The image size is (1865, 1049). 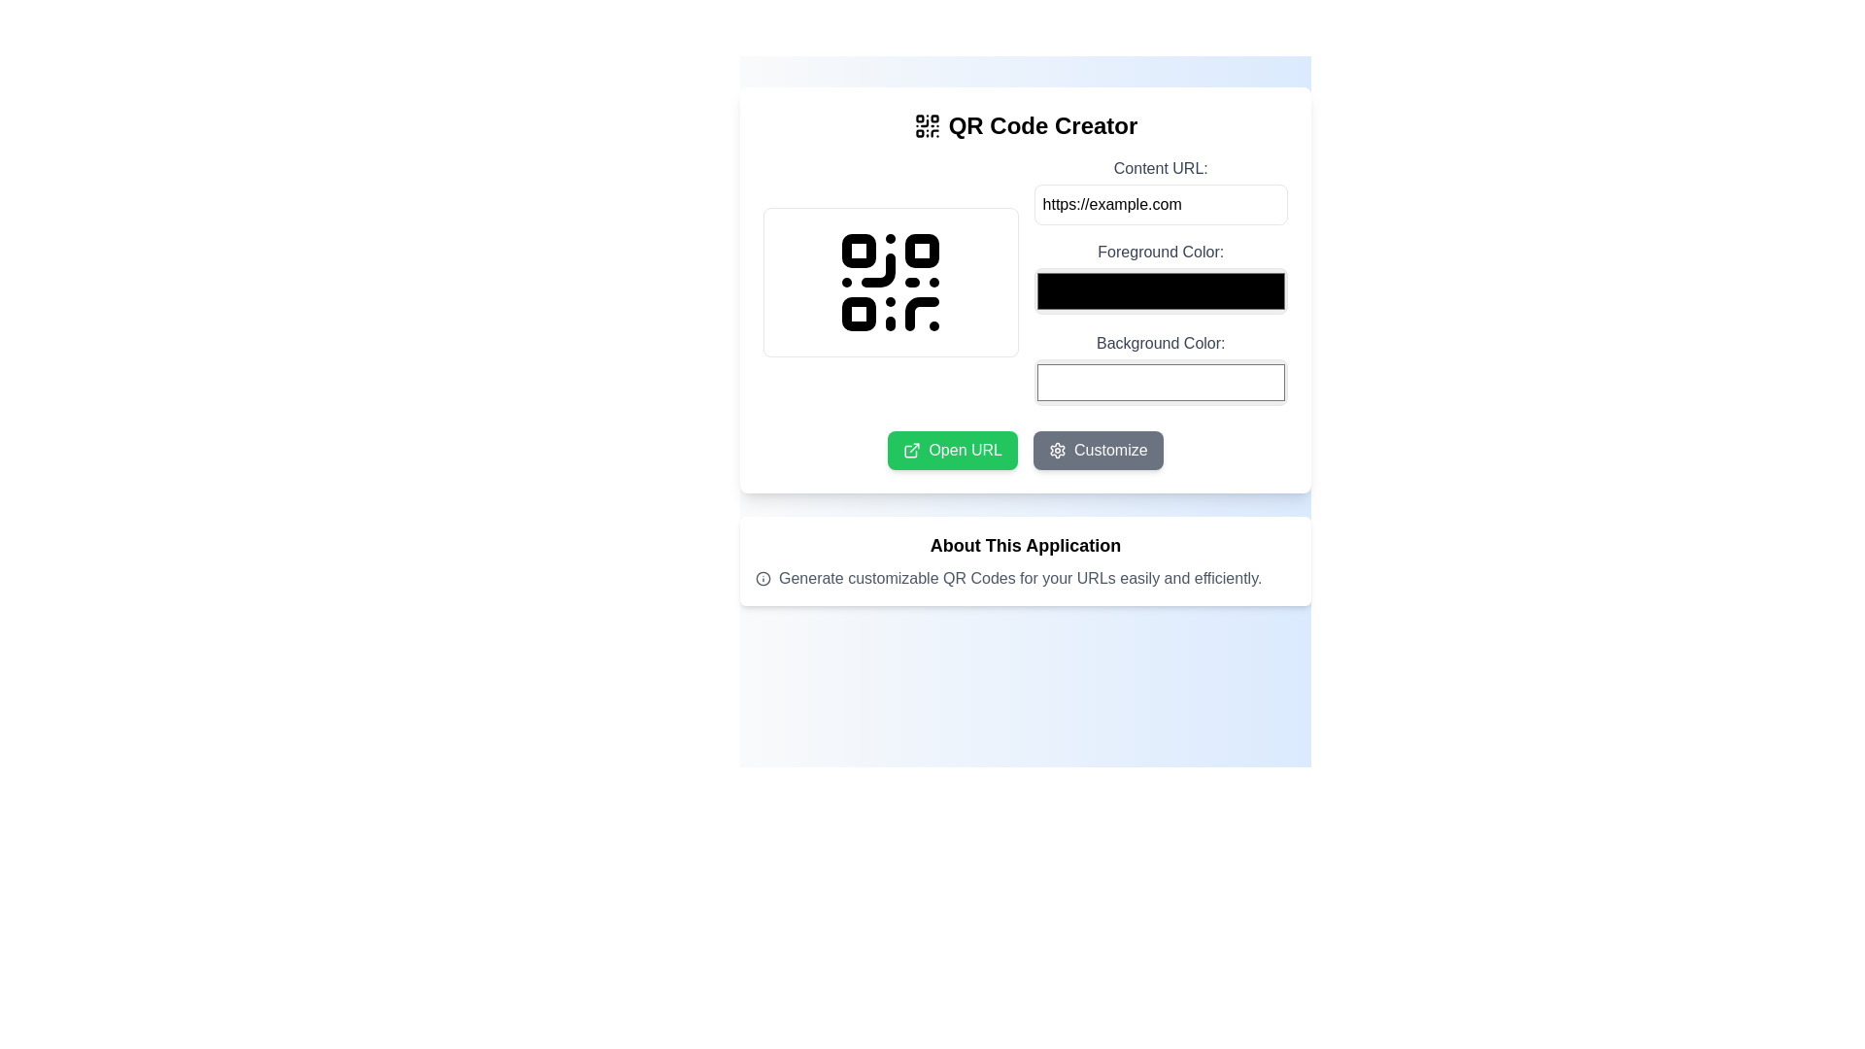 What do you see at coordinates (1161, 278) in the screenshot?
I see `the black rectangular color picker input field located under the 'Foreground Color:' label` at bounding box center [1161, 278].